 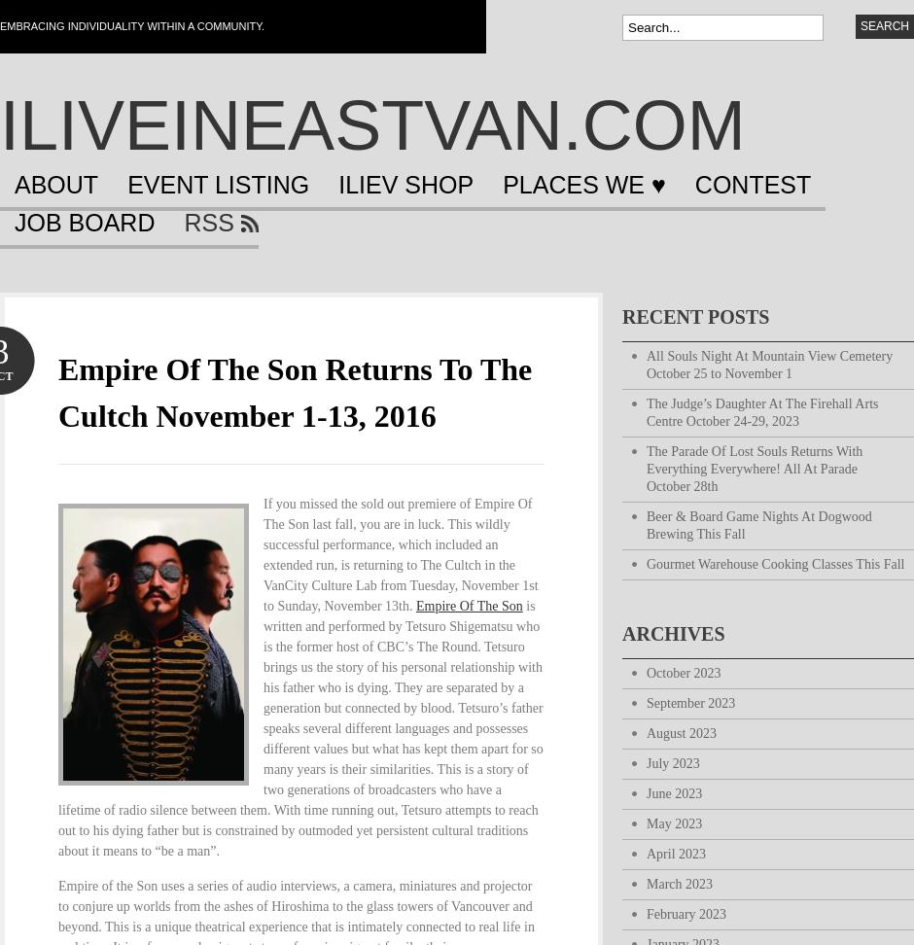 What do you see at coordinates (695, 316) in the screenshot?
I see `'Recent Posts'` at bounding box center [695, 316].